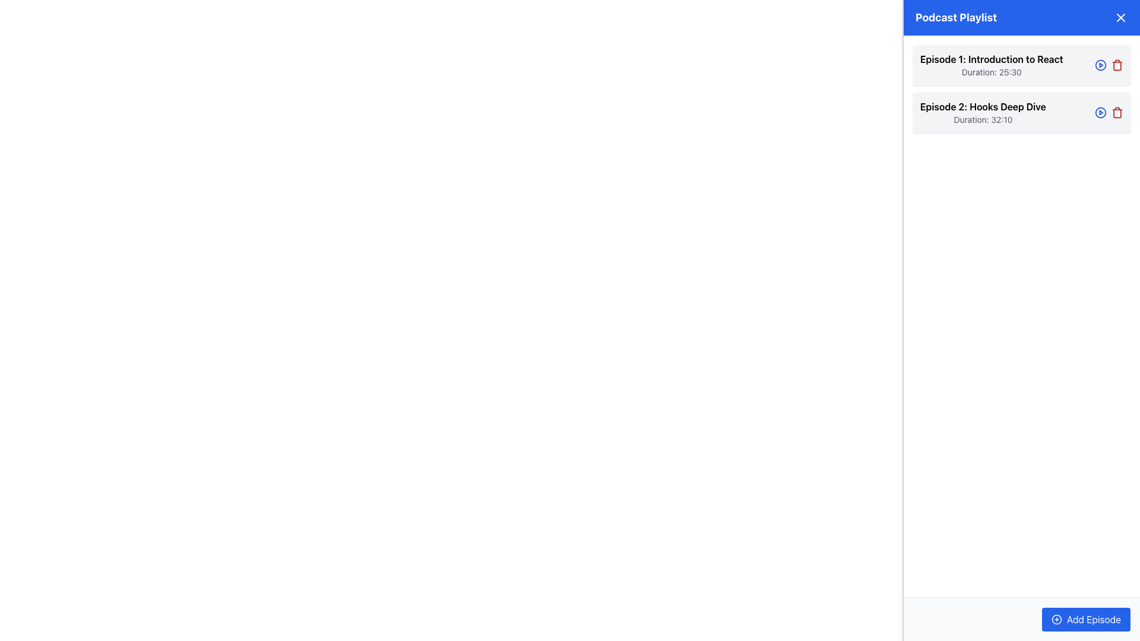 This screenshot has height=641, width=1140. I want to click on the text label displaying 'Duration: 32:10' located beneath the title 'Episode 2: Hooks Deep Dive', so click(983, 119).